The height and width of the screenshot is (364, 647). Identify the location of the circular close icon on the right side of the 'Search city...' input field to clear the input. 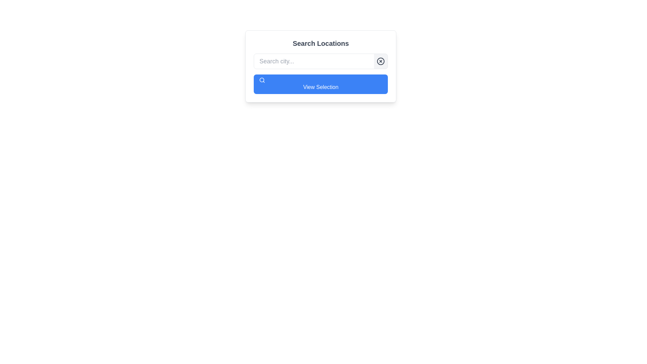
(380, 61).